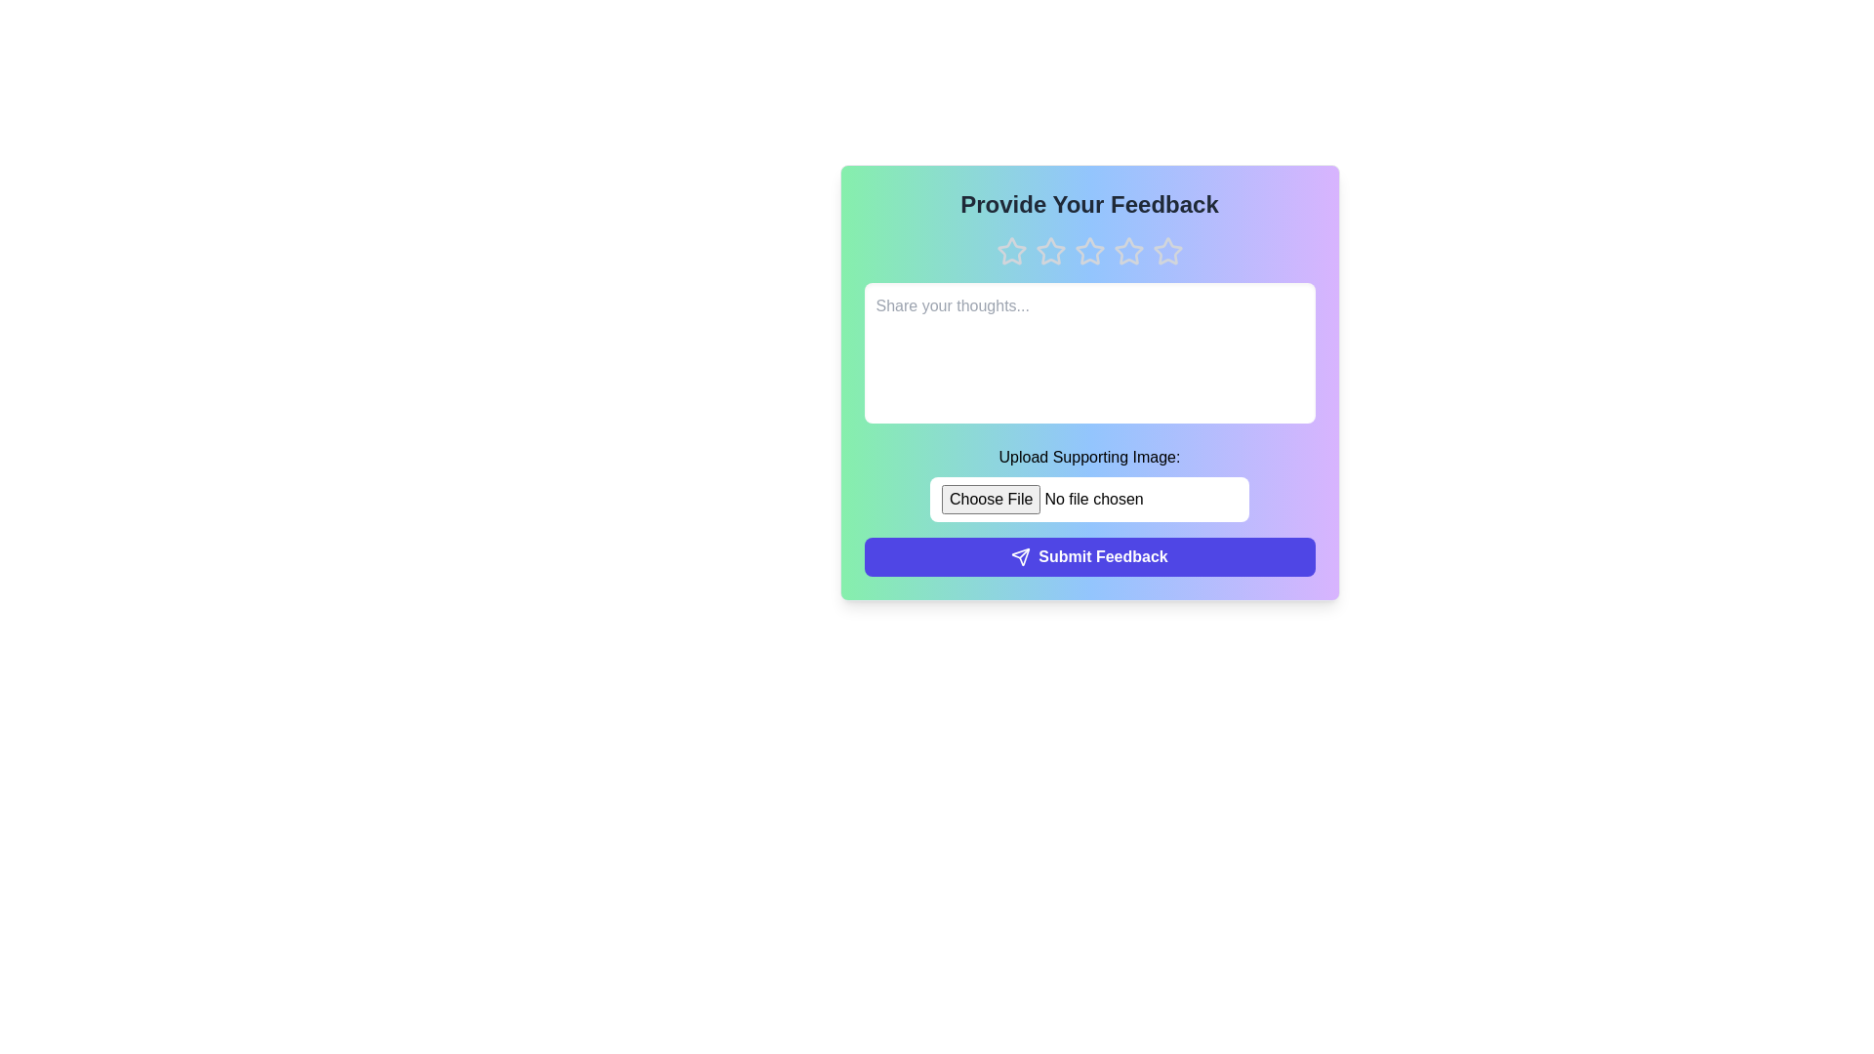 The height and width of the screenshot is (1054, 1874). Describe the element at coordinates (1088, 204) in the screenshot. I see `heading that displays 'Provide Your Feedback', which is styled with a bold, large font and centered alignment at the top of the feedback form` at that location.